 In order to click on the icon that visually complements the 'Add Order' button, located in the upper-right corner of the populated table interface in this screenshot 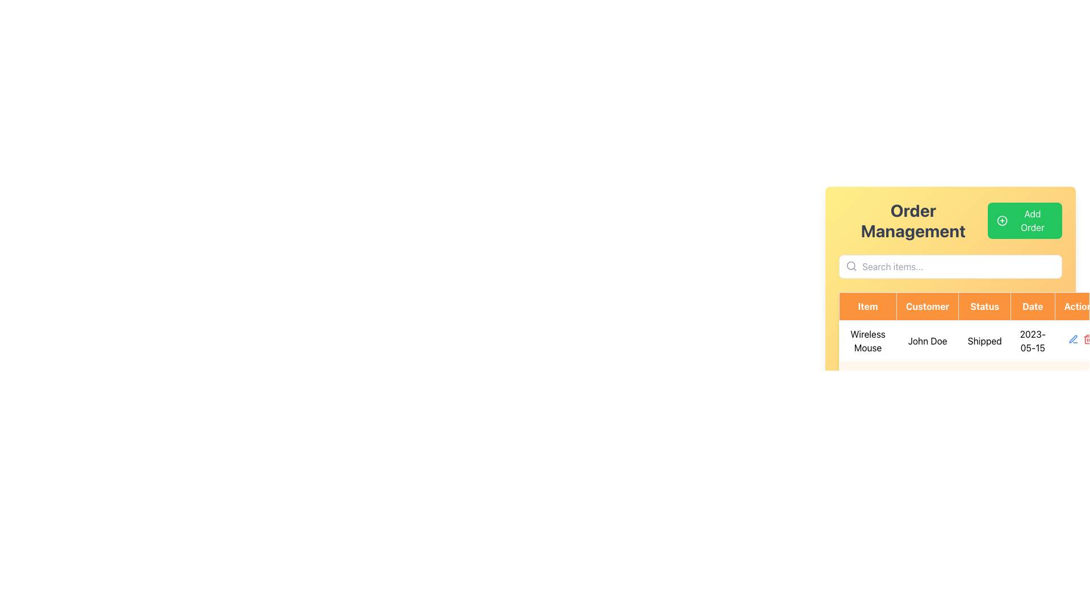, I will do `click(1002, 221)`.